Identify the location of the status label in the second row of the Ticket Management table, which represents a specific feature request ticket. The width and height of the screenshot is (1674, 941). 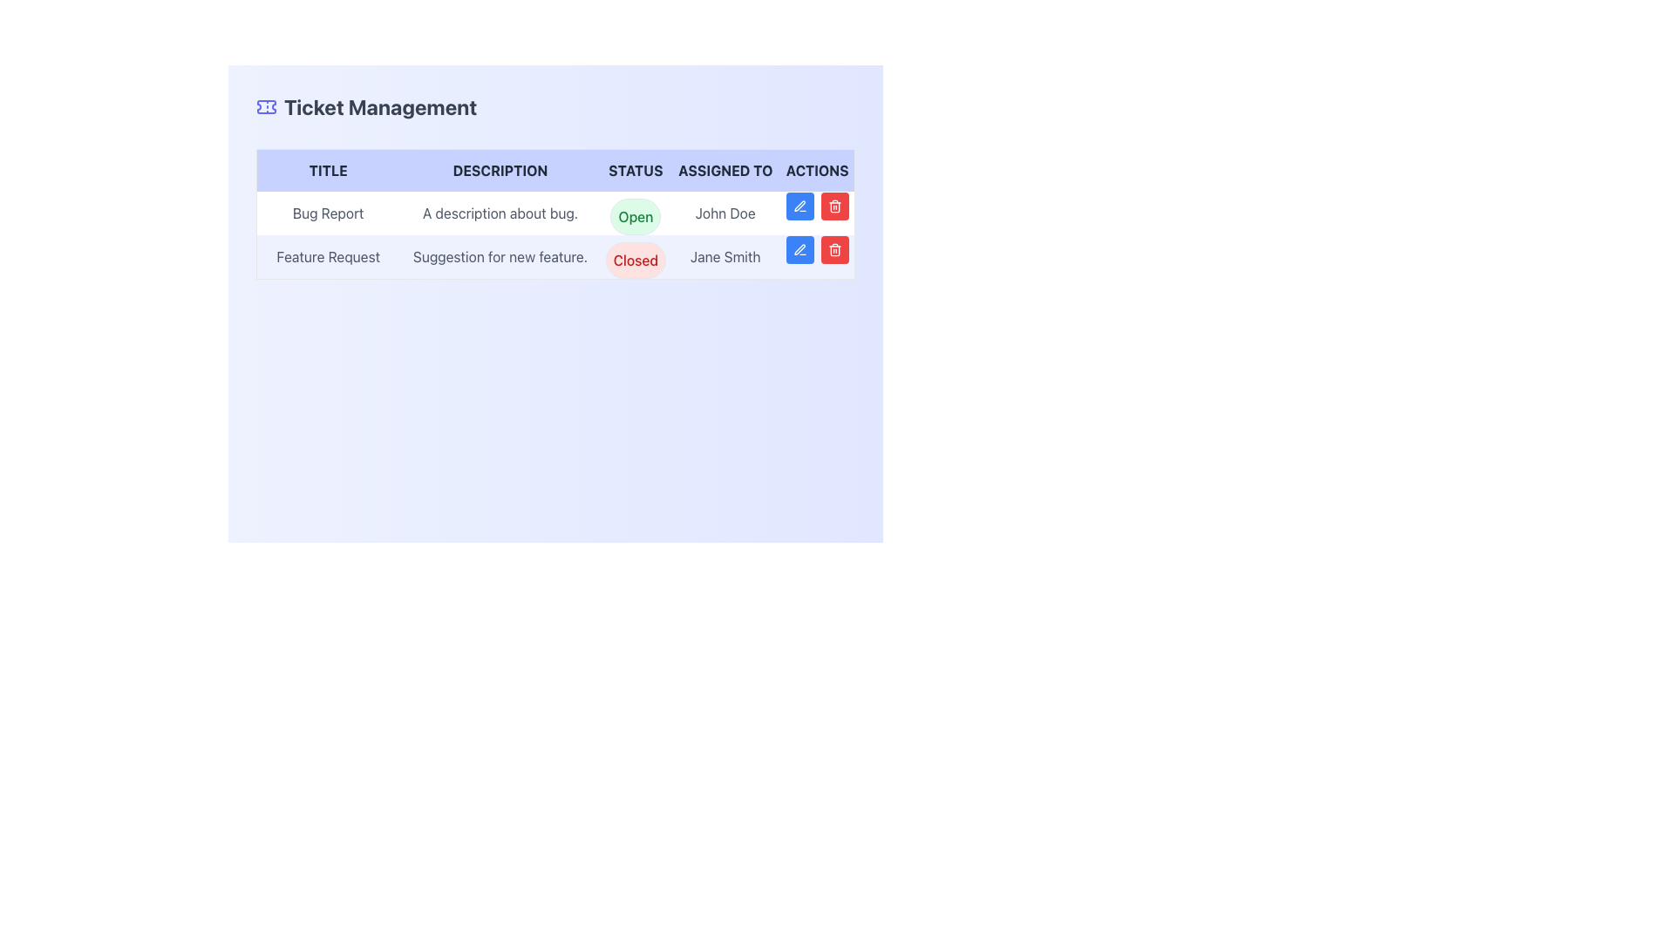
(555, 256).